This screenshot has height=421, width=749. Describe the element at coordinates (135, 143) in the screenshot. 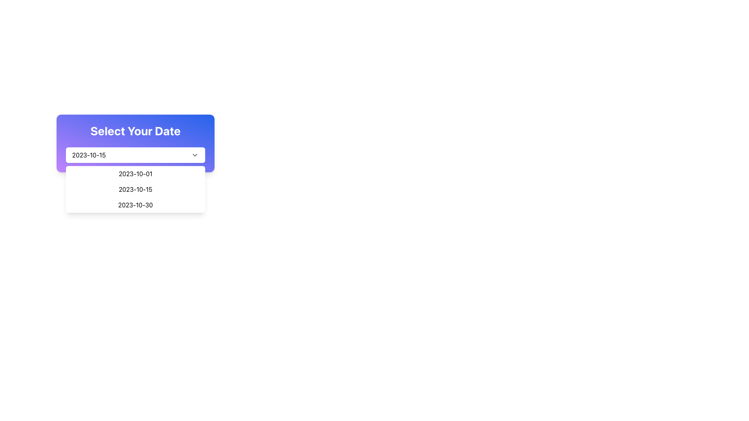

I see `the dropdown menu labeled 'Select Your Date' to choose a date` at that location.